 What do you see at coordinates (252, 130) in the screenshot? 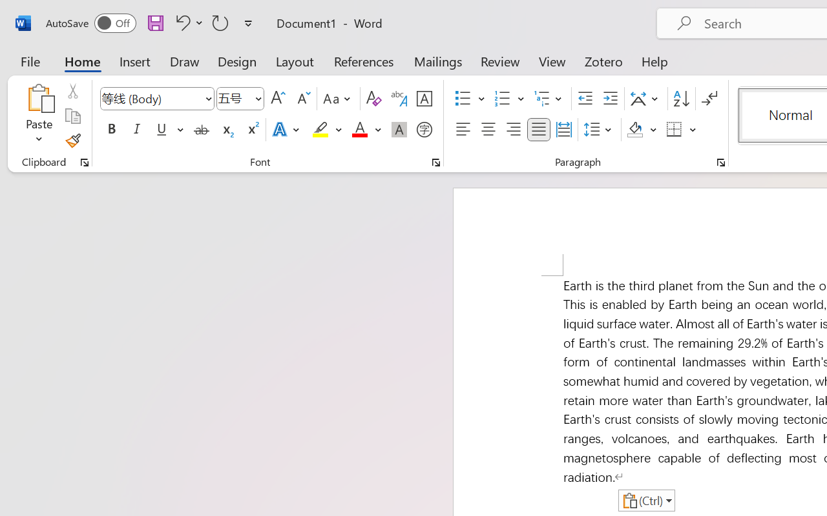
I see `'Superscript'` at bounding box center [252, 130].